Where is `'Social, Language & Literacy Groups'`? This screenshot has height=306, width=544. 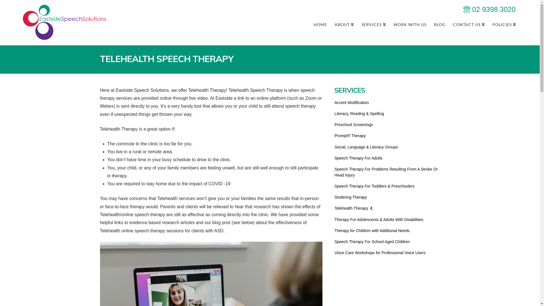
'Social, Language & Literacy Groups' is located at coordinates (366, 147).